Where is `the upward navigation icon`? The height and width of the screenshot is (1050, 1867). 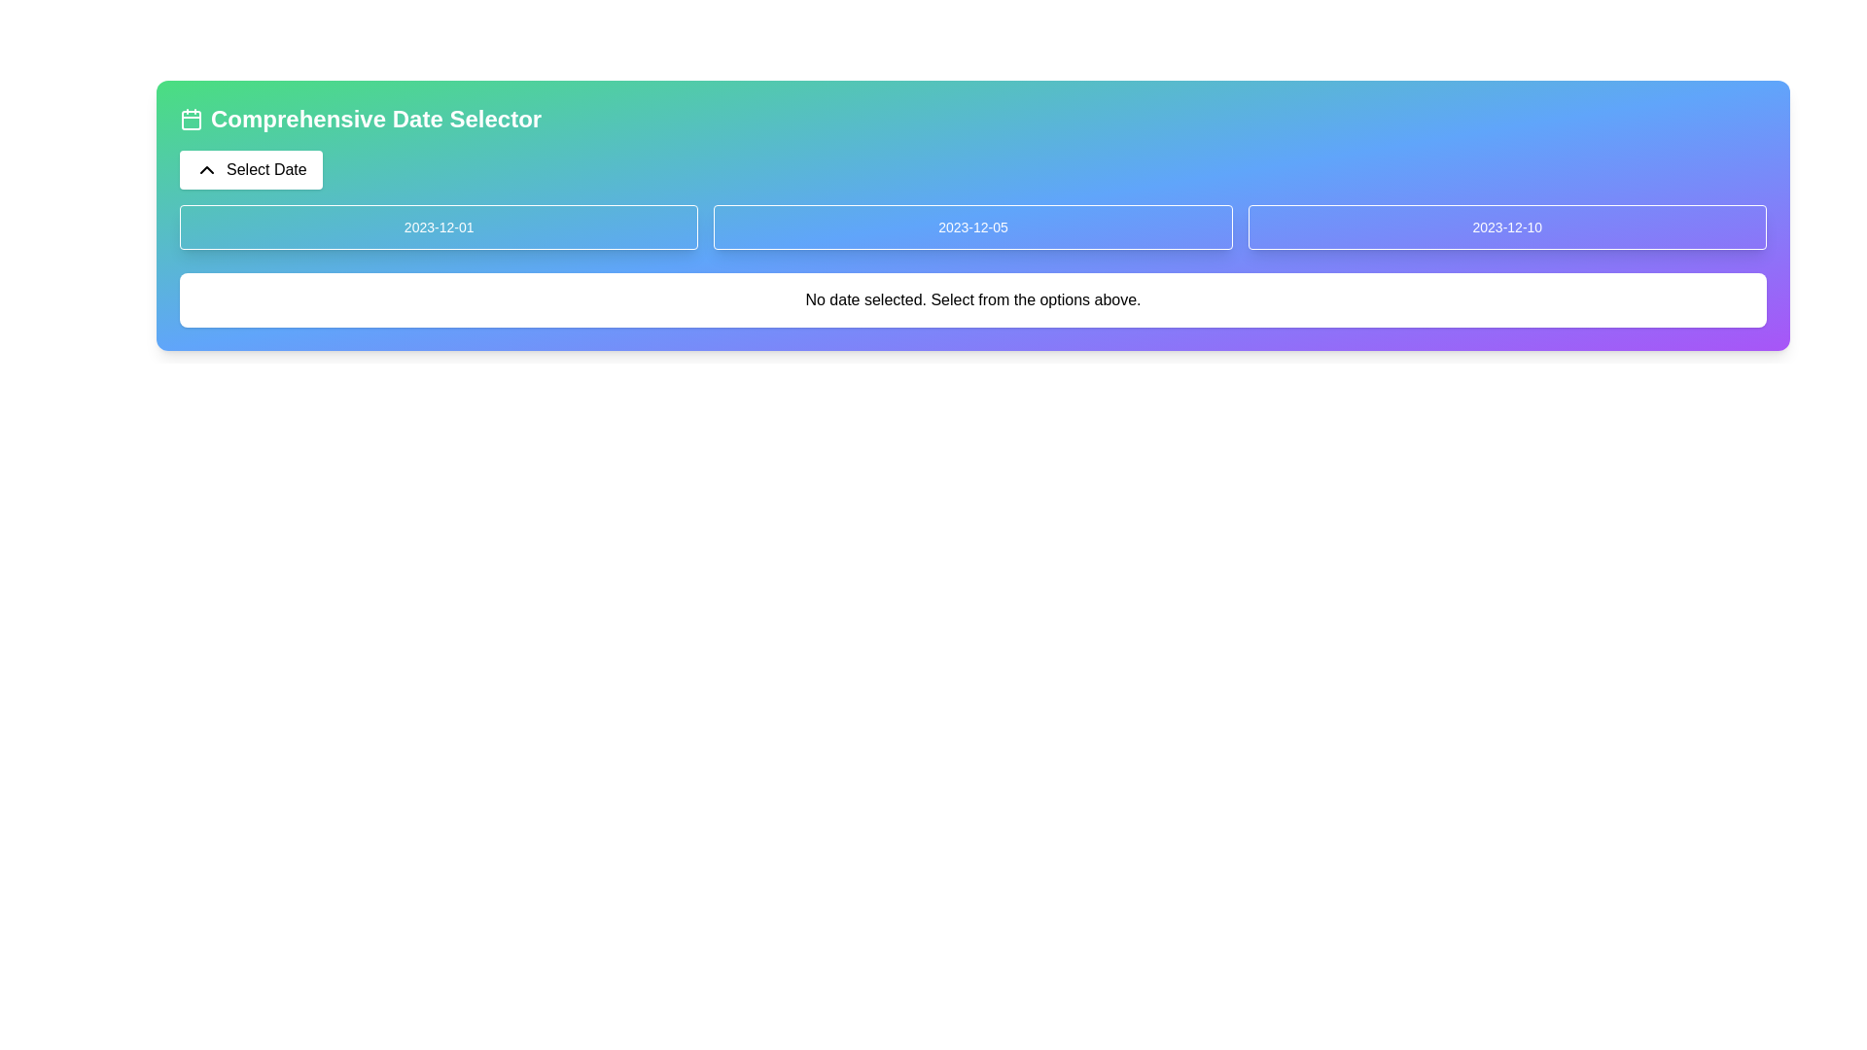 the upward navigation icon is located at coordinates (206, 168).